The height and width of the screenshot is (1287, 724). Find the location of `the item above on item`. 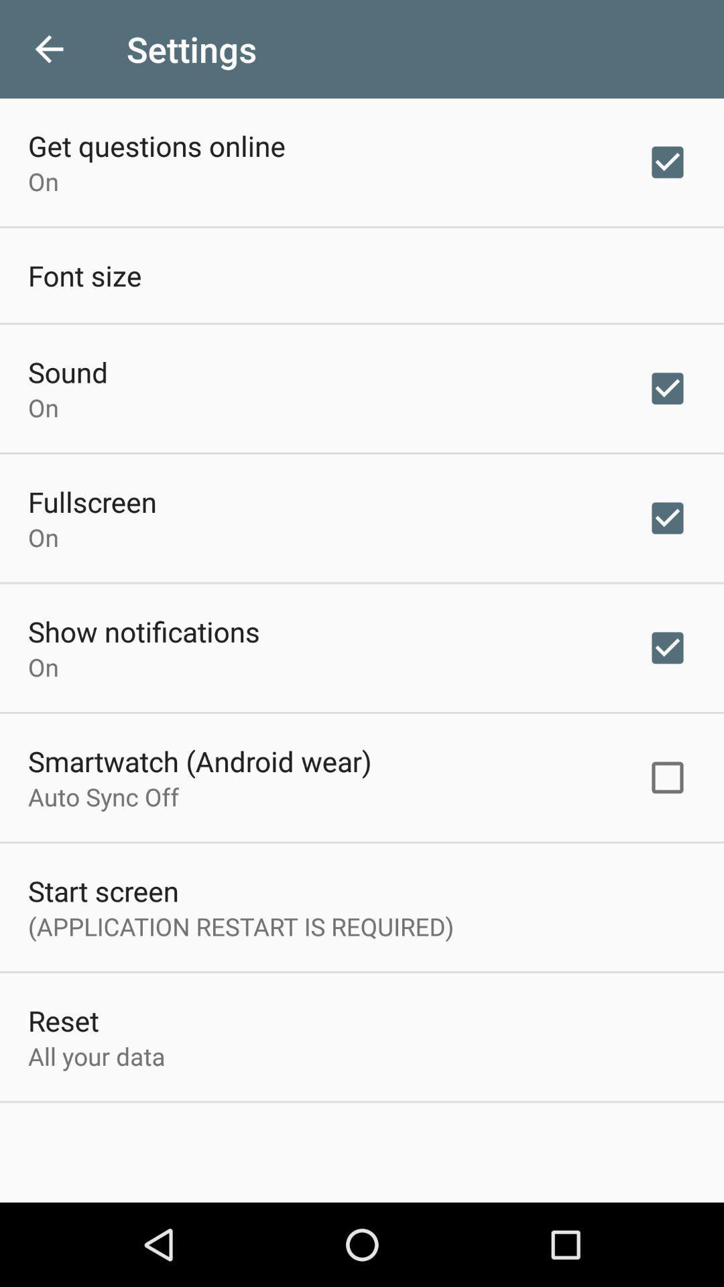

the item above on item is located at coordinates (92, 501).